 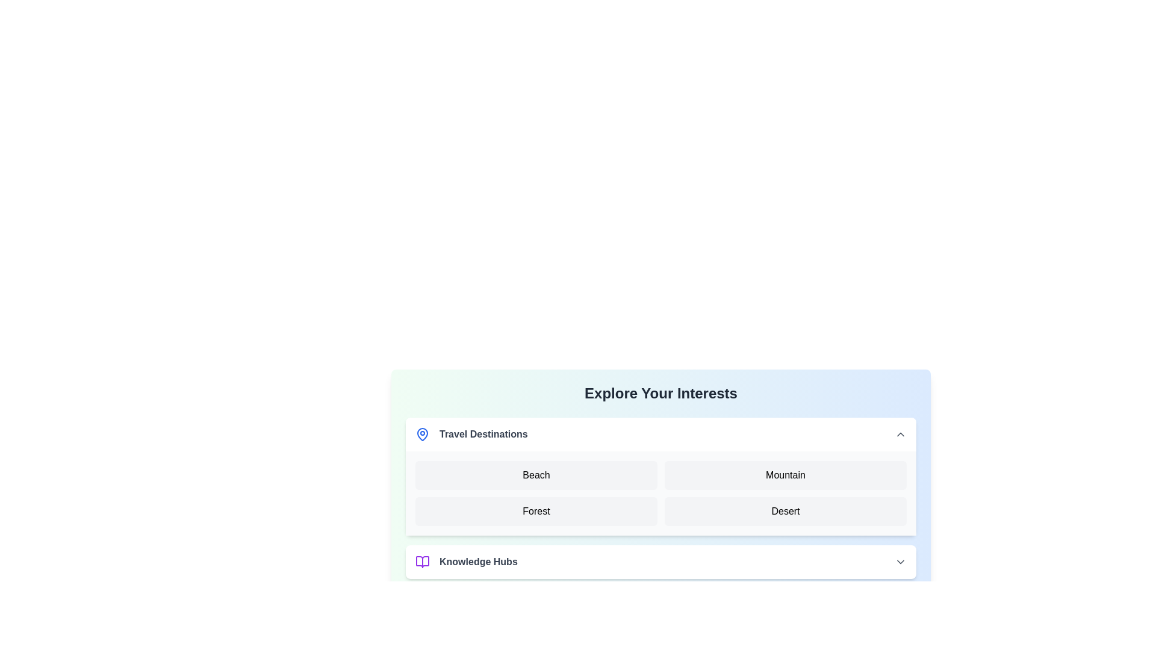 What do you see at coordinates (536, 475) in the screenshot?
I see `the 'Beach' text-based button in the 'Travel Destinations' section` at bounding box center [536, 475].